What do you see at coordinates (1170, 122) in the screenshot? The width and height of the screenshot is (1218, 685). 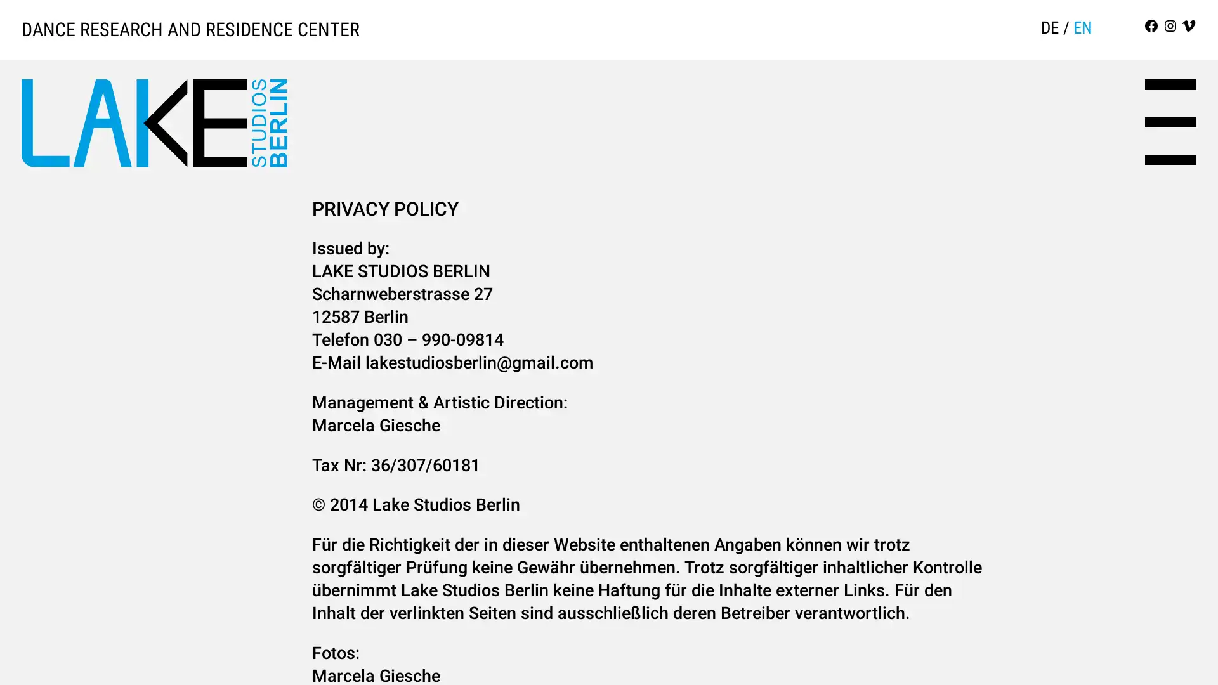 I see `Menu` at bounding box center [1170, 122].